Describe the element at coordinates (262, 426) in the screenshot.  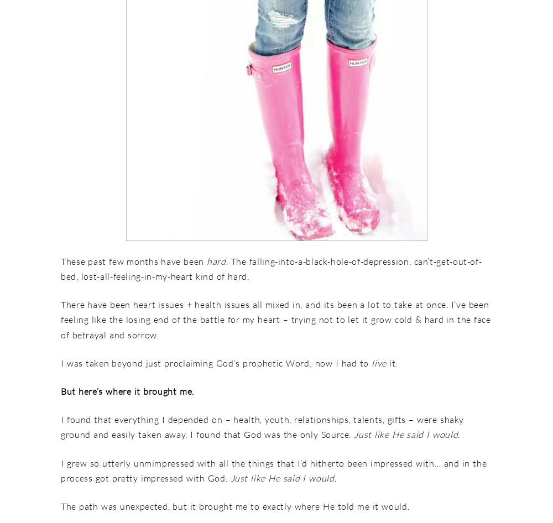
I see `'I found that everything I depended on – health, youth, relationships, talents, gifts – were shaky ground and easily taken away. I found that God was the only Source.'` at that location.